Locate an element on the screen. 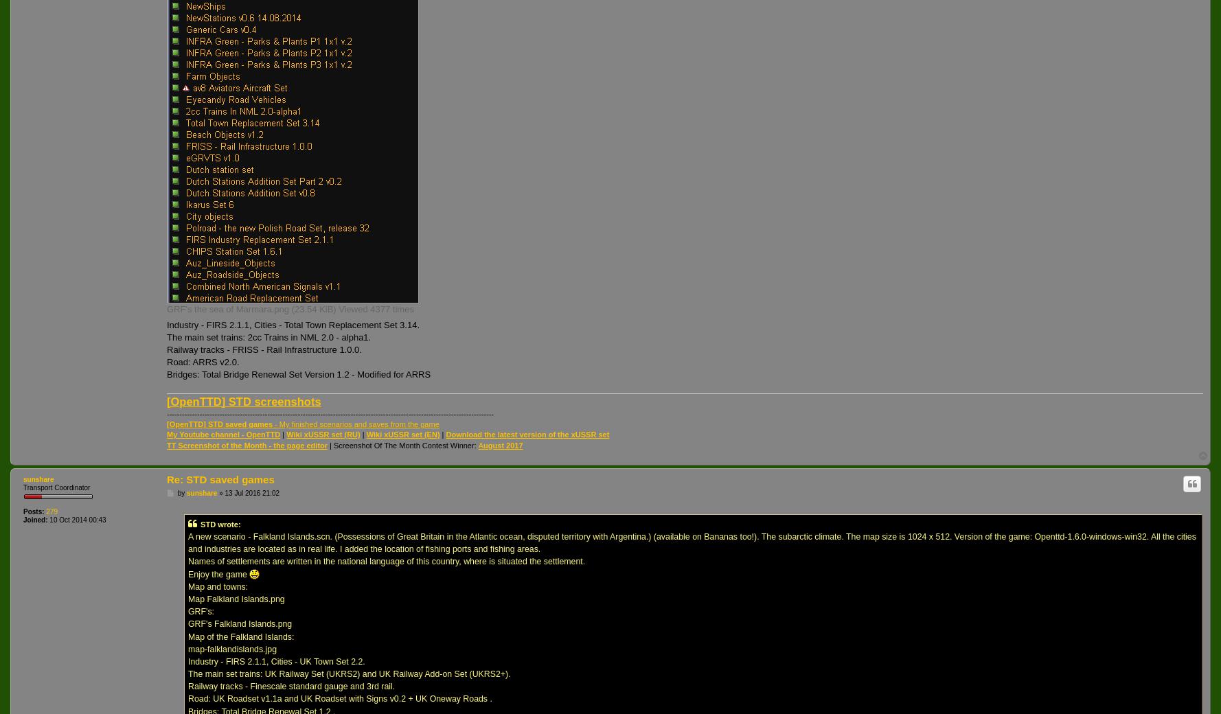  'Re: STD saved games' is located at coordinates (219, 479).